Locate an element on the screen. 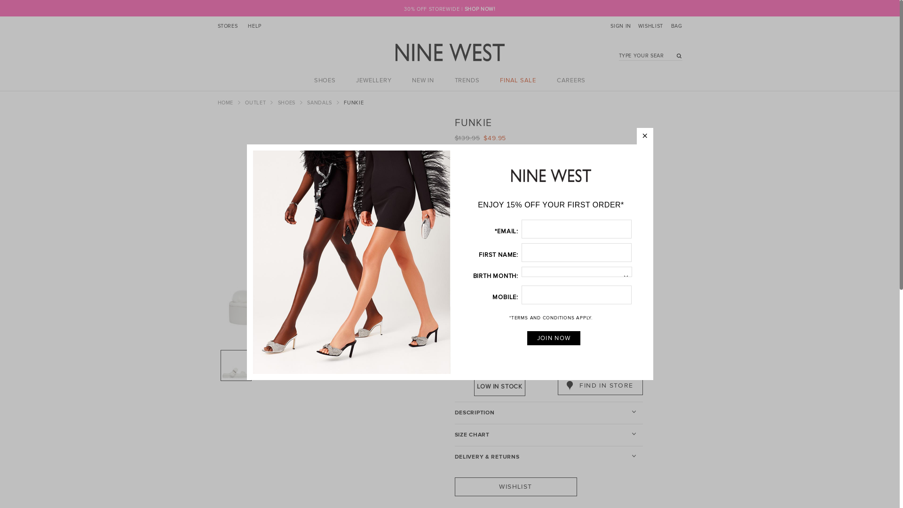  '9.5' is located at coordinates (558, 246).